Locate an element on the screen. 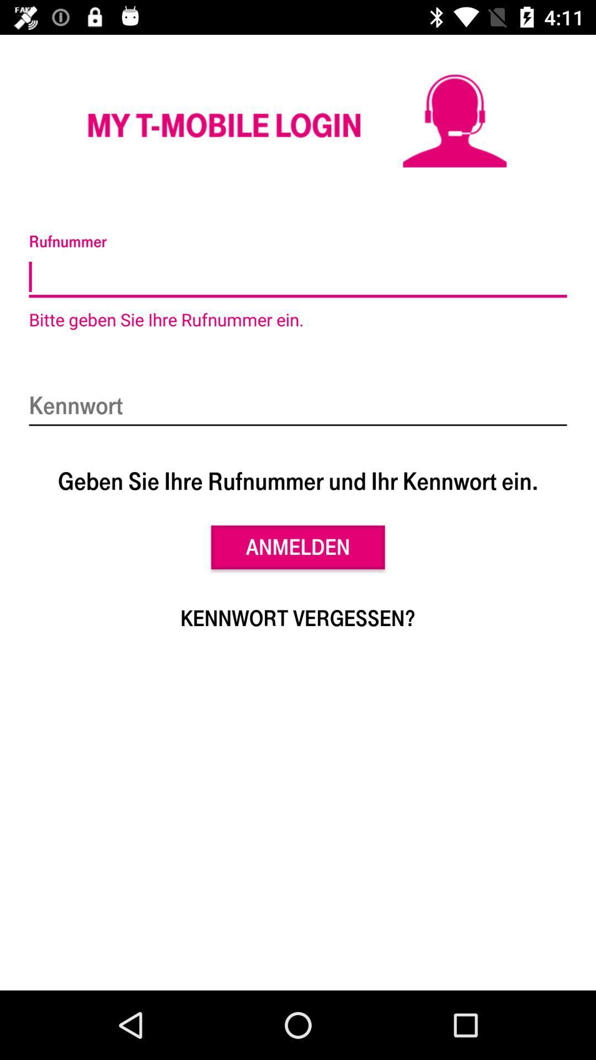 The image size is (596, 1060). anmelden is located at coordinates (298, 547).